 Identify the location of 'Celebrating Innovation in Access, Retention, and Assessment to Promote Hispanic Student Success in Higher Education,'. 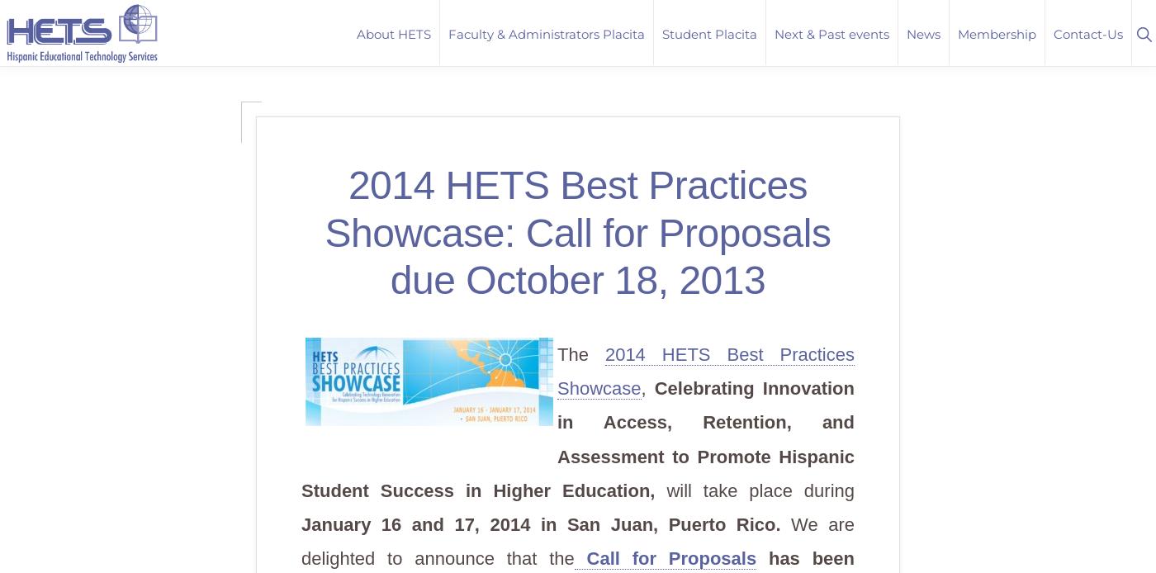
(301, 438).